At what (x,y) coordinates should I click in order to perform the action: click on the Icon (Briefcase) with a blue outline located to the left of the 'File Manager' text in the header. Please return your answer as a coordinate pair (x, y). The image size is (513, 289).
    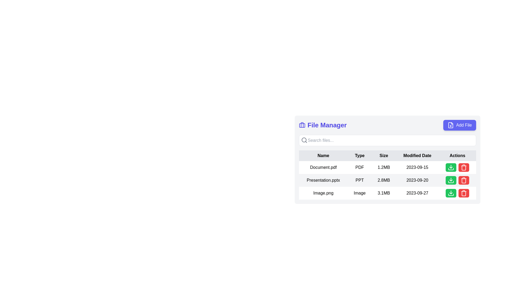
    Looking at the image, I should click on (302, 125).